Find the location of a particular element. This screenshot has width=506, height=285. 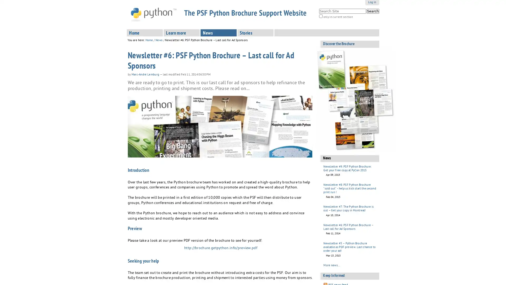

Search is located at coordinates (372, 11).